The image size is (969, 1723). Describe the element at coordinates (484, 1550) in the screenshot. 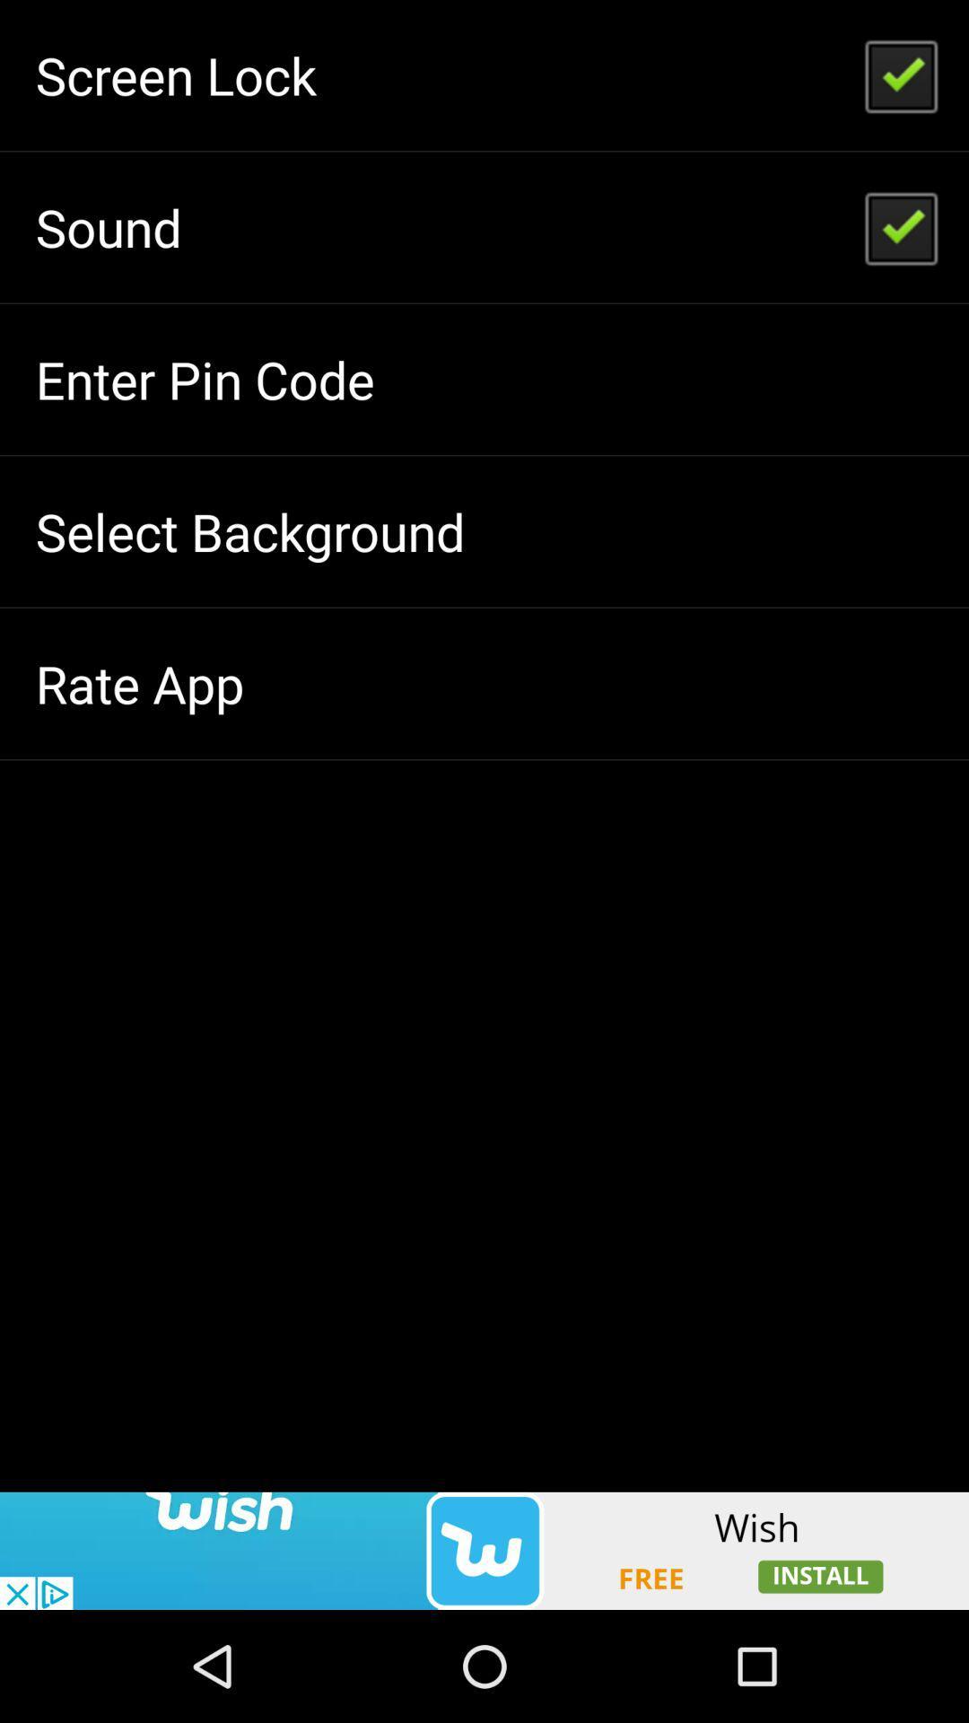

I see `open advertisement` at that location.